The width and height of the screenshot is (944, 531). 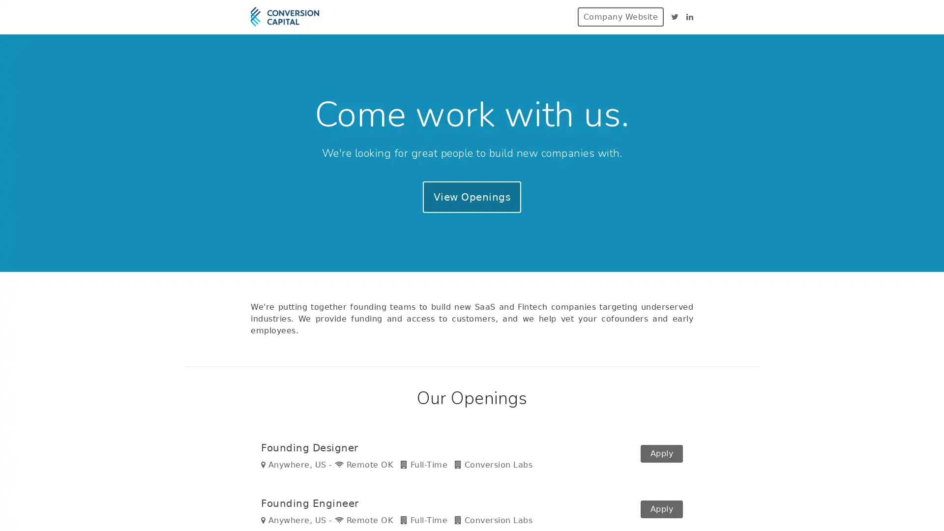 I want to click on Apply, so click(x=661, y=458).